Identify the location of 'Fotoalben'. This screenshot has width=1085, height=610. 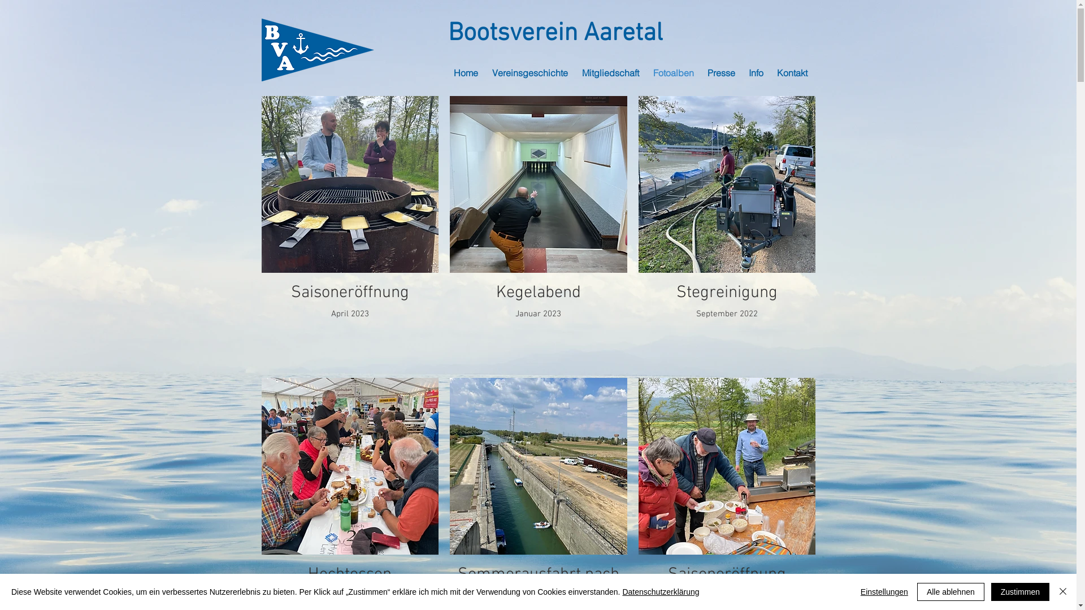
(675, 72).